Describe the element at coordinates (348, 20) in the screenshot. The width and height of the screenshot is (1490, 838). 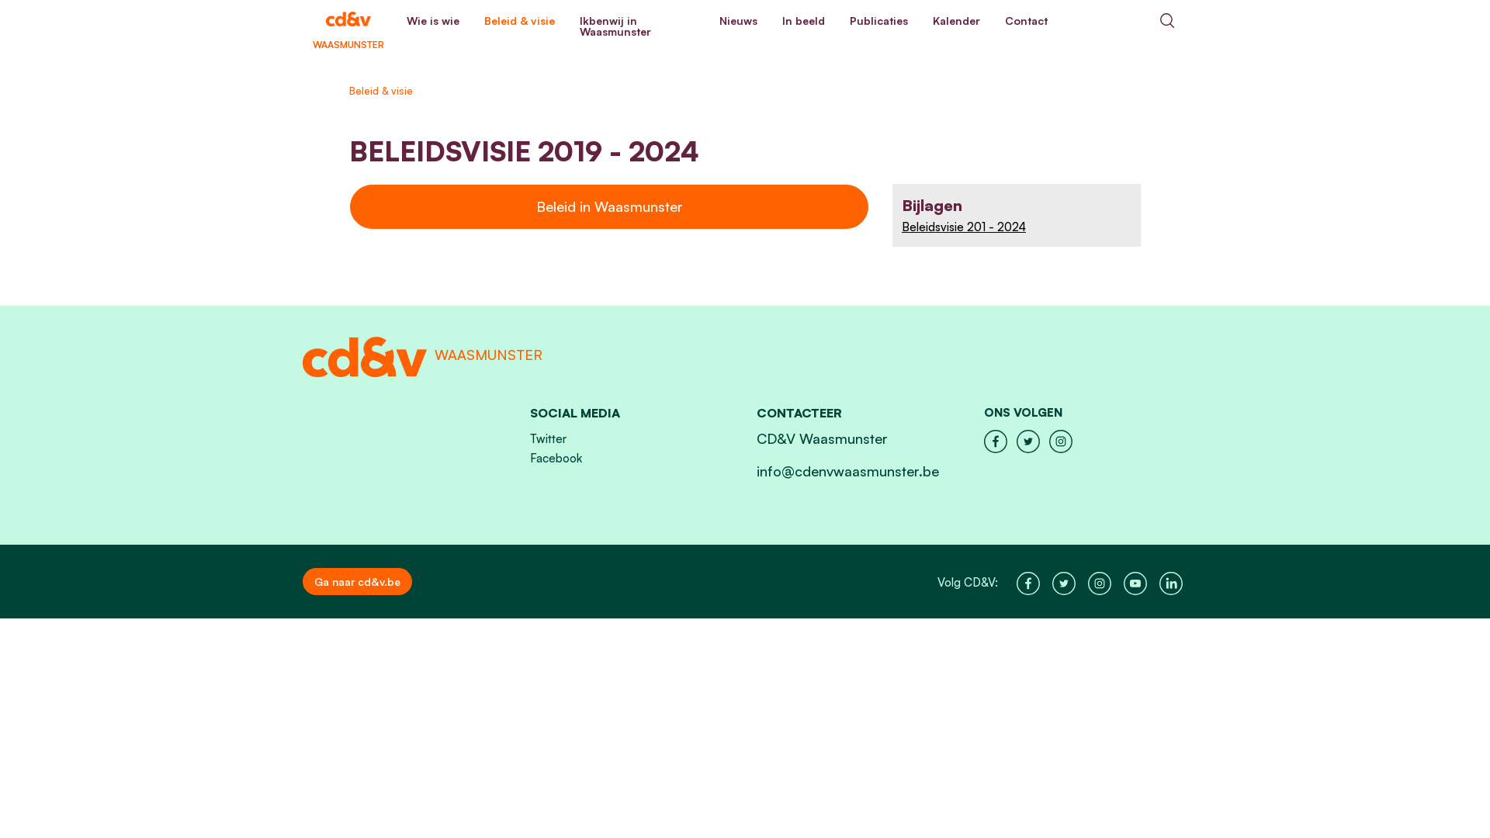
I see `'WAASMUNSTER'` at that location.